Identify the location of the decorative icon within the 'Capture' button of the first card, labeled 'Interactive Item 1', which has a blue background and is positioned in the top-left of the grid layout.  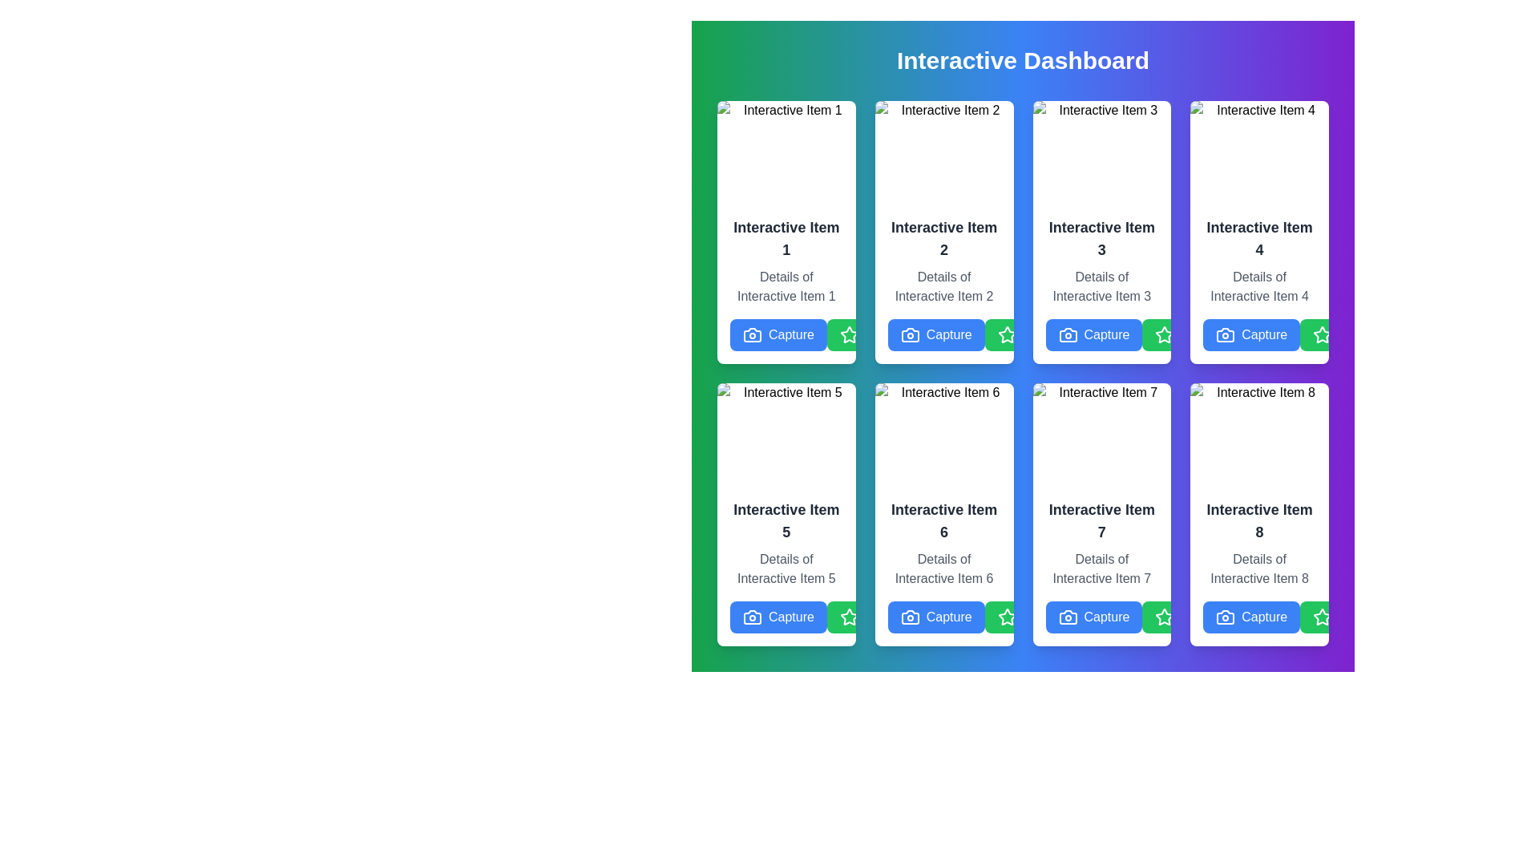
(752, 334).